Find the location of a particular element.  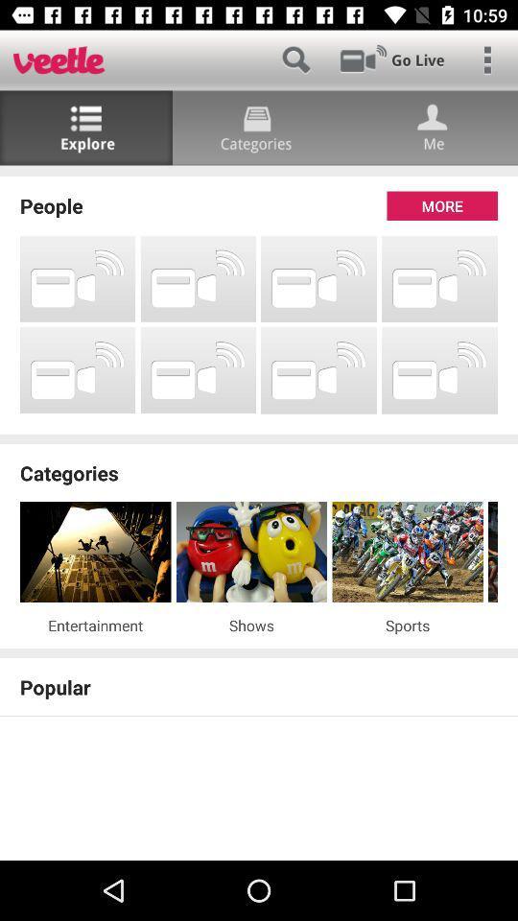

search videos is located at coordinates (295, 59).